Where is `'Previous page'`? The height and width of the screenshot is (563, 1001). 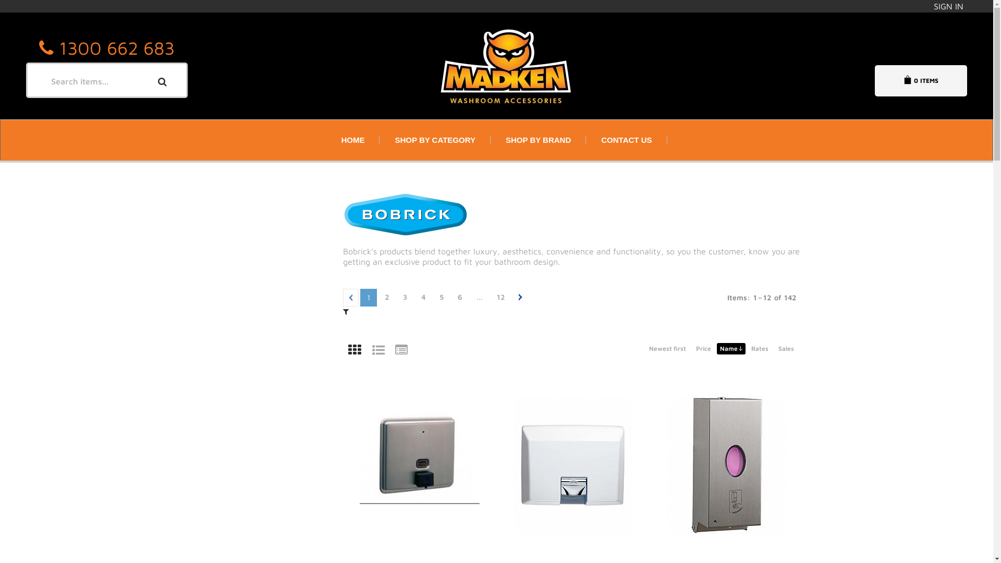 'Previous page' is located at coordinates (350, 297).